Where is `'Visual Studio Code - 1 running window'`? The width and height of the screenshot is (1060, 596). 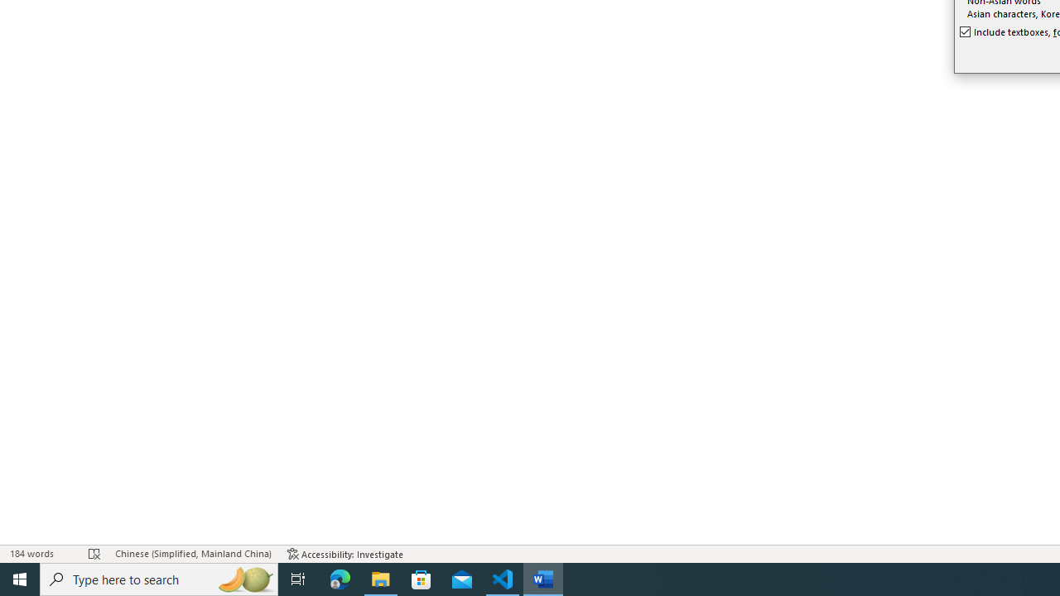 'Visual Studio Code - 1 running window' is located at coordinates (502, 578).